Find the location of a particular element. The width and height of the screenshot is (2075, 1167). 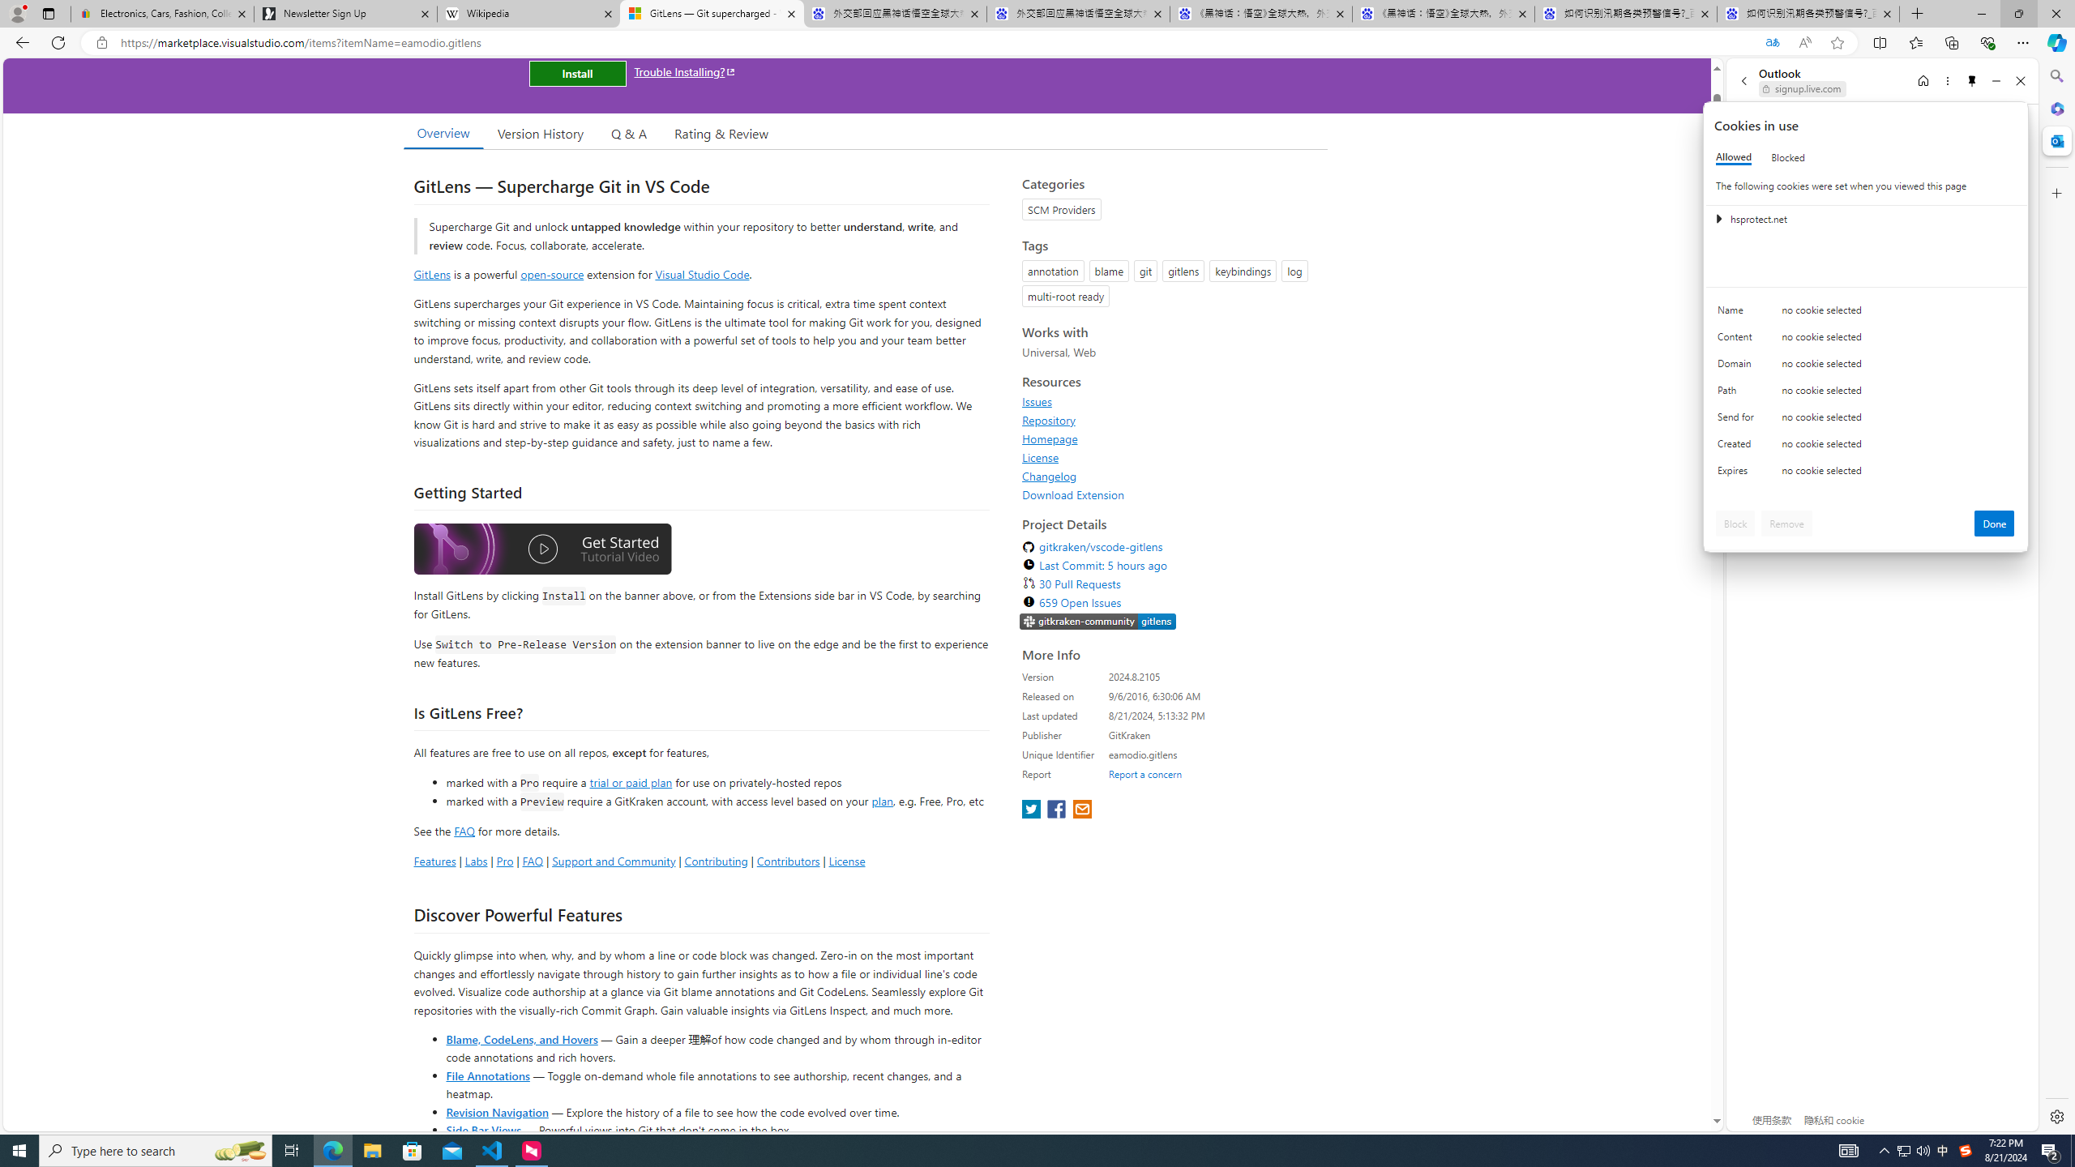

'Expires' is located at coordinates (1738, 474).